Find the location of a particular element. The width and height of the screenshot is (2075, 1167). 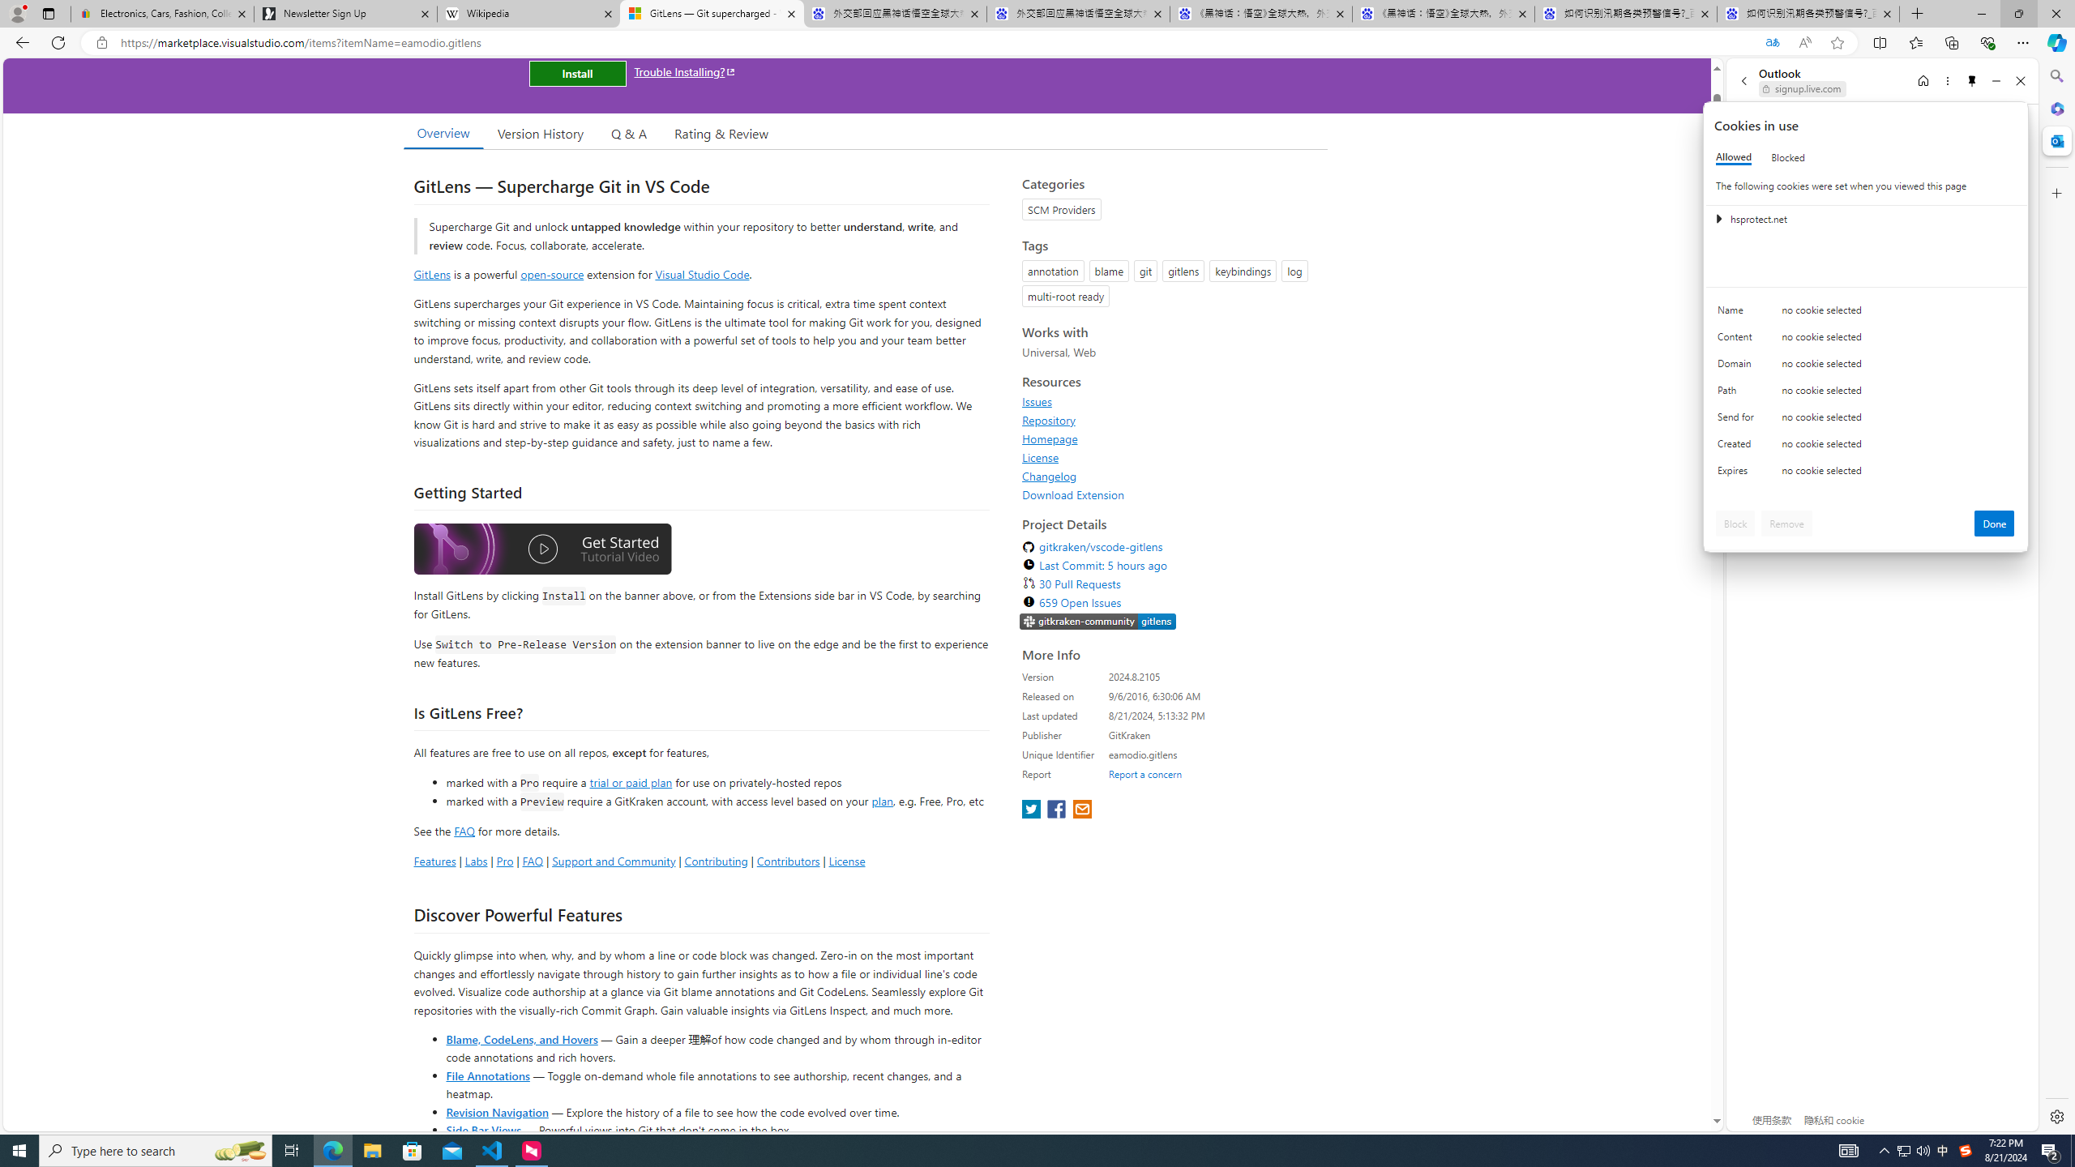

'Expires' is located at coordinates (1738, 474).